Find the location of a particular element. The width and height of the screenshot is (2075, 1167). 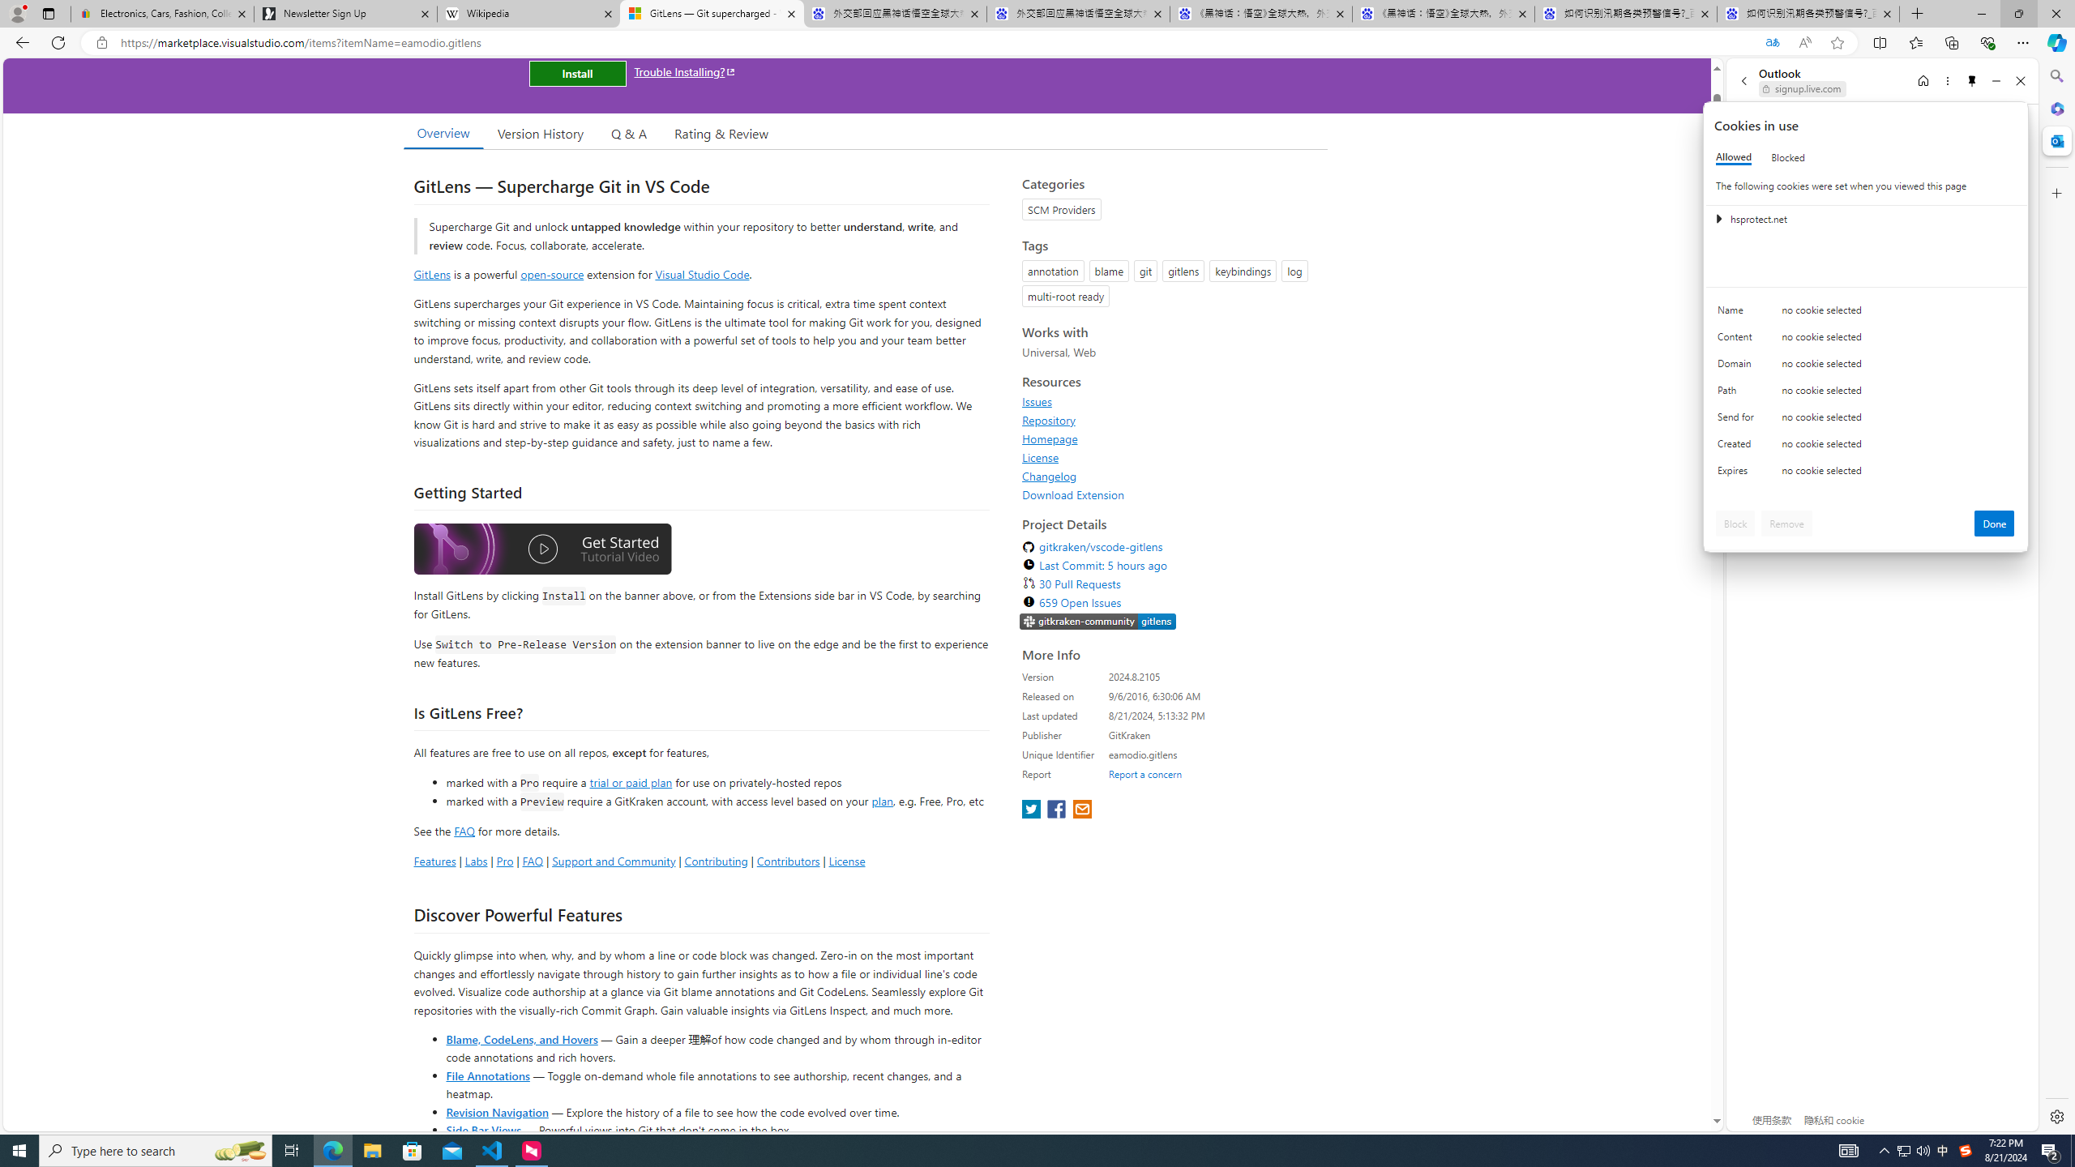

'Expires' is located at coordinates (1738, 474).